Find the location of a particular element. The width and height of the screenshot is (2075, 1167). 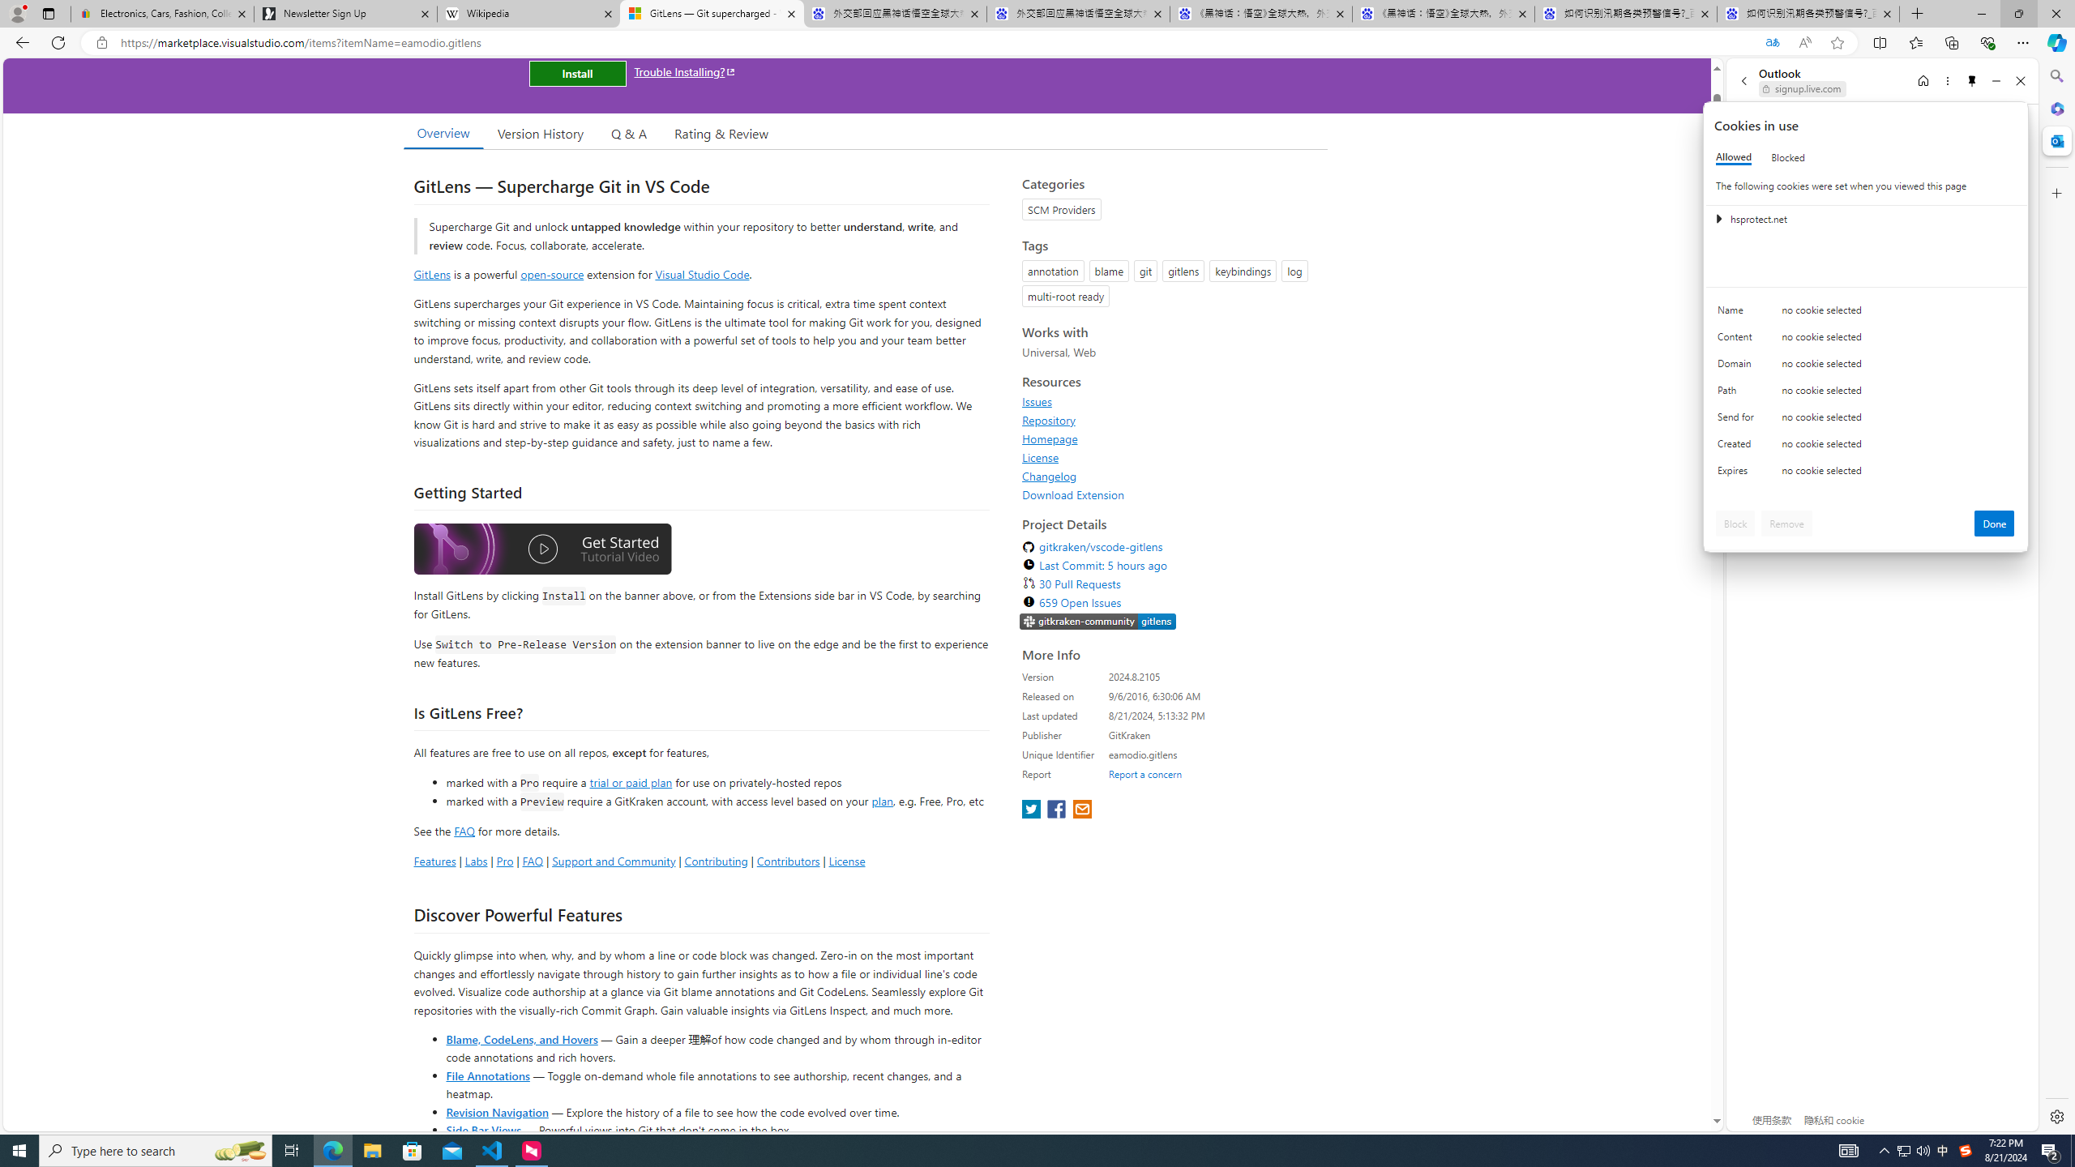

'Expires' is located at coordinates (1738, 474).